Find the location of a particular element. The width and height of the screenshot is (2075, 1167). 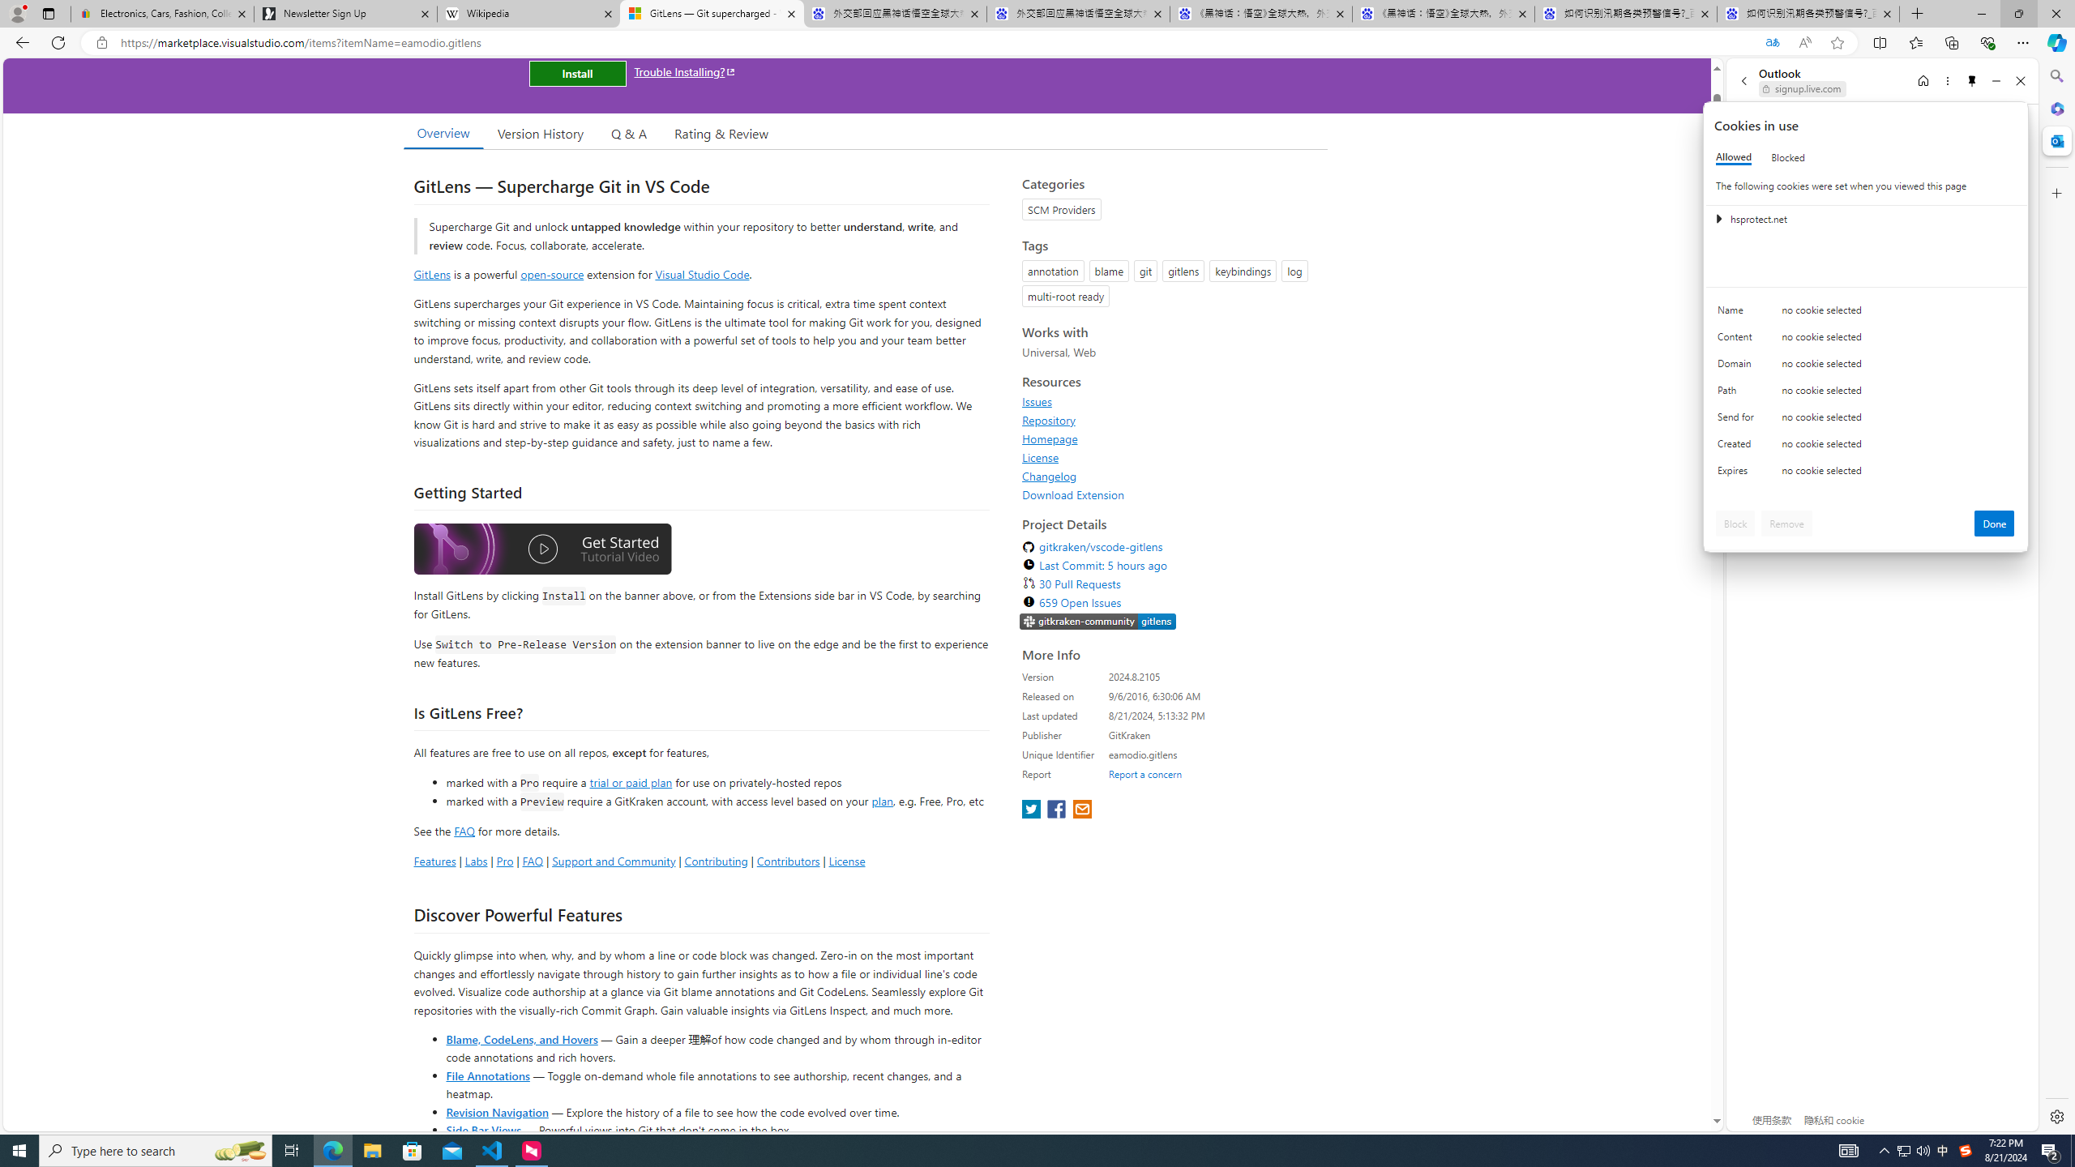

'Expires' is located at coordinates (1738, 474).